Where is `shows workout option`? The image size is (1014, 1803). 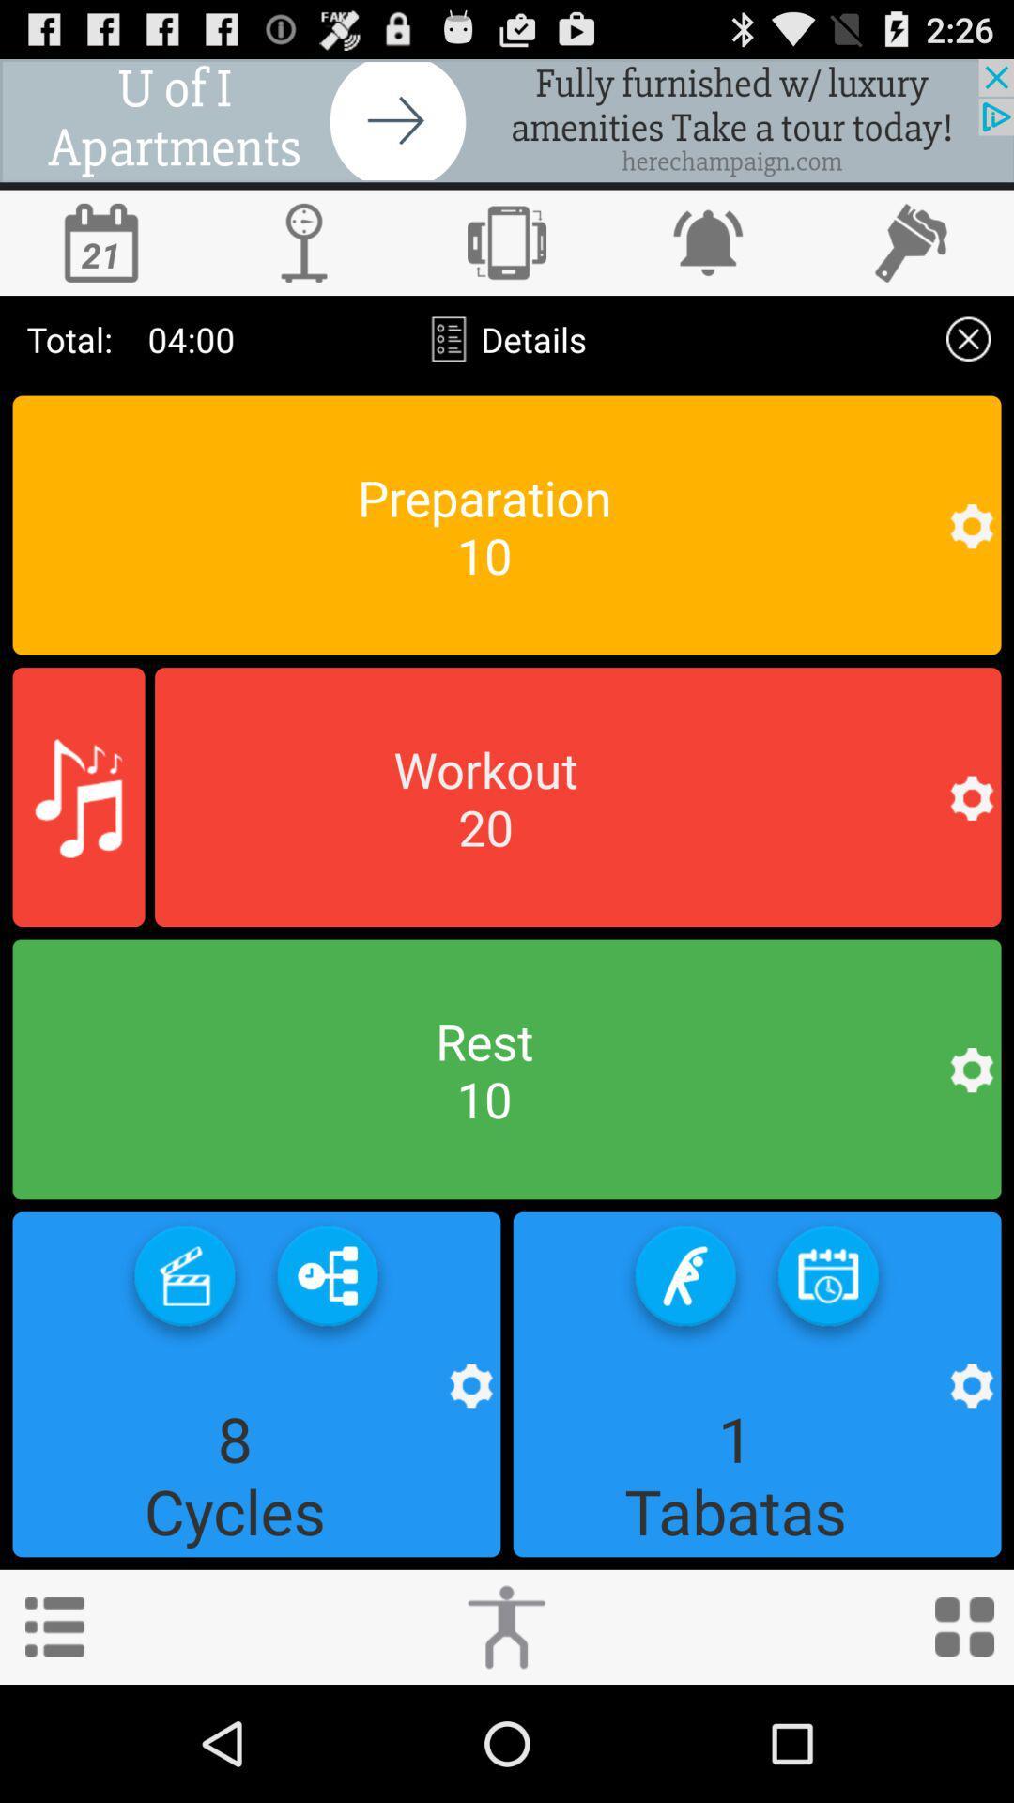
shows workout option is located at coordinates (576, 797).